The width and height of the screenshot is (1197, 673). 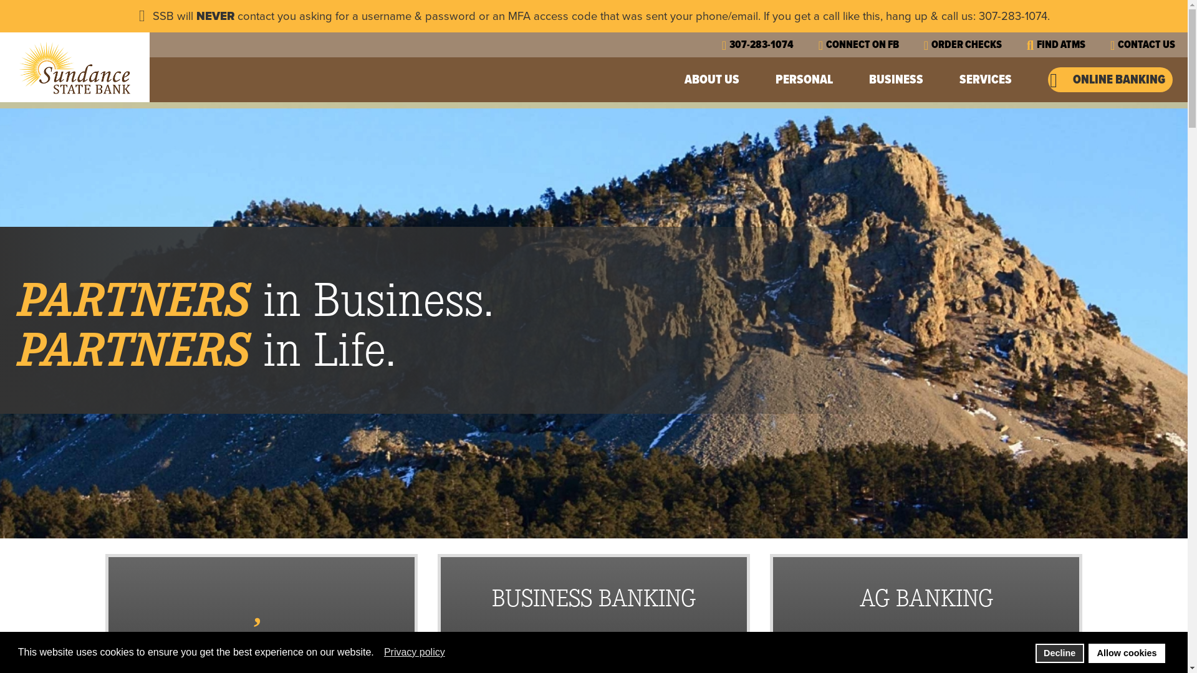 I want to click on 'FIND ATMS', so click(x=1055, y=44).